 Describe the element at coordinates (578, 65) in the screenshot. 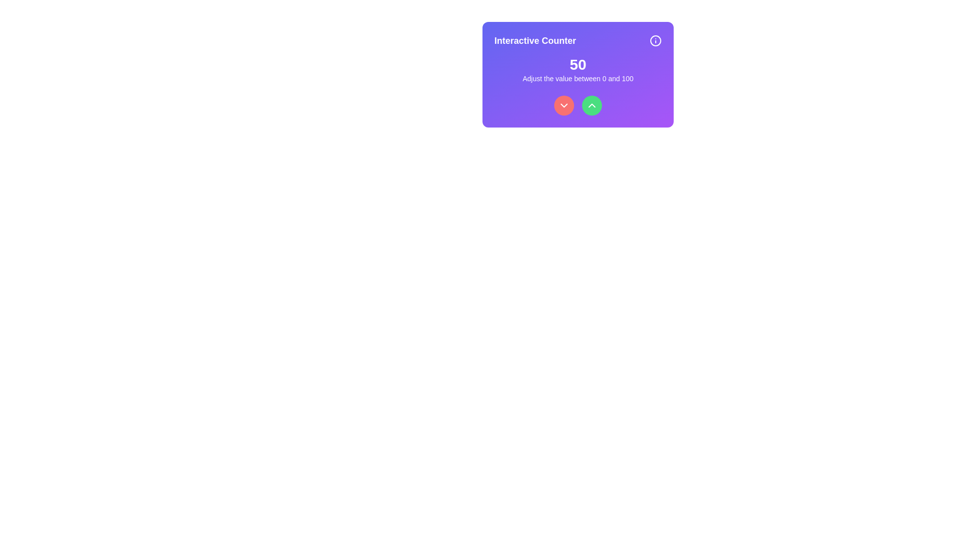

I see `the number '50' displayed in a bold and large font, centrally aligned within a purple rectangle labeled 'Interactive Counter'` at that location.